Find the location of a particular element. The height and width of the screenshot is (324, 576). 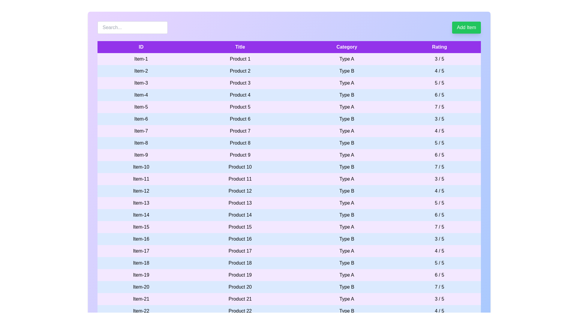

the table header labeled Category to sort the column is located at coordinates (347, 47).